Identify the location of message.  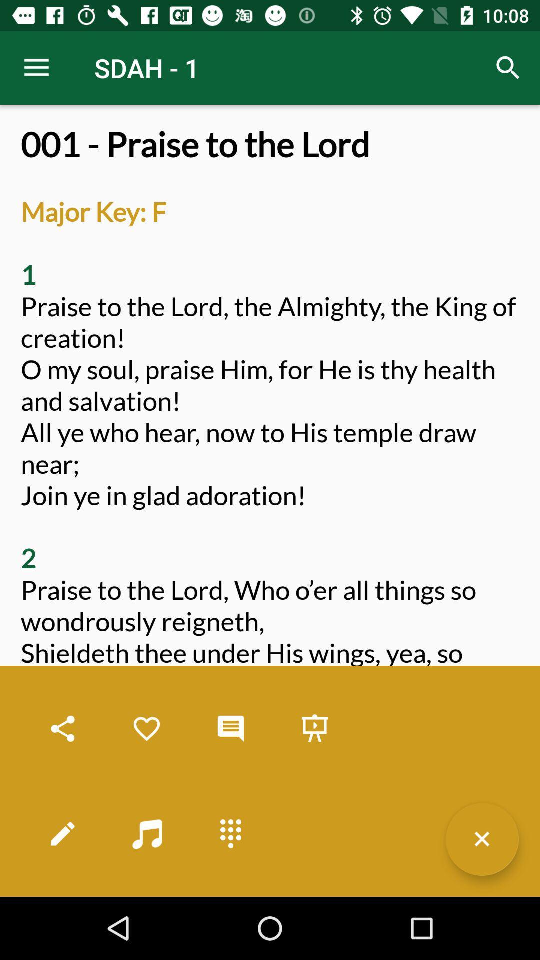
(231, 729).